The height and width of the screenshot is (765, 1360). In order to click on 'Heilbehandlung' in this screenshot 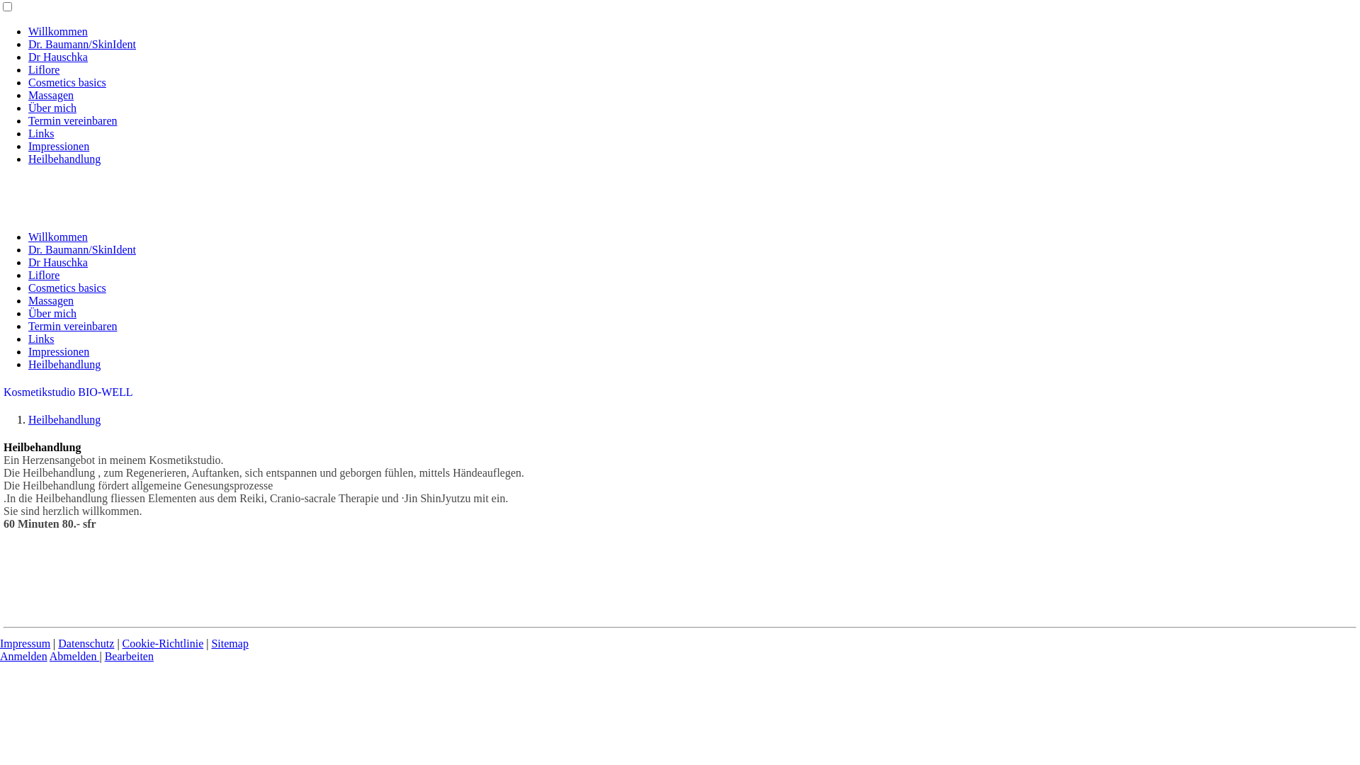, I will do `click(64, 419)`.